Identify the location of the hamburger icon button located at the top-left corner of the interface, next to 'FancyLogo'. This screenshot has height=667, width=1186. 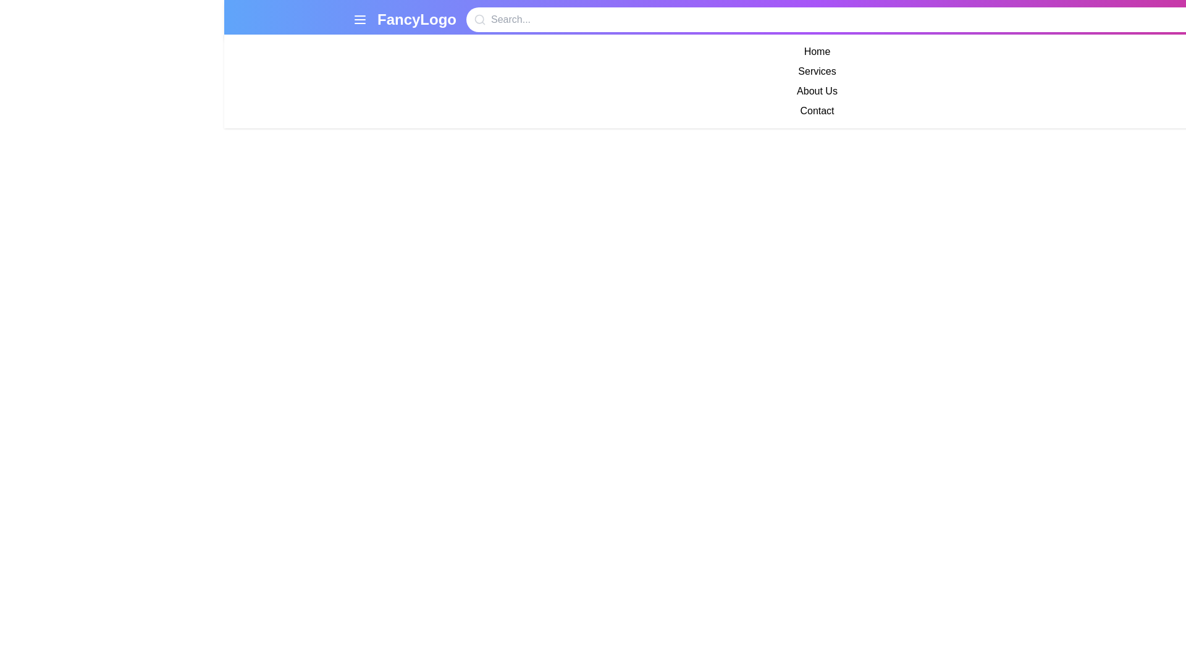
(359, 19).